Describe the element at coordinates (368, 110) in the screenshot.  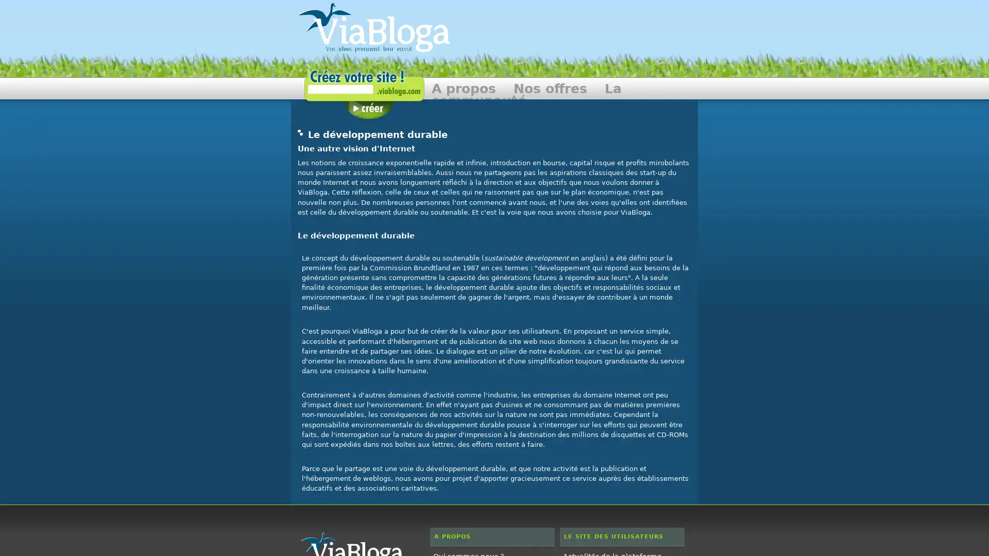
I see `Creer` at that location.